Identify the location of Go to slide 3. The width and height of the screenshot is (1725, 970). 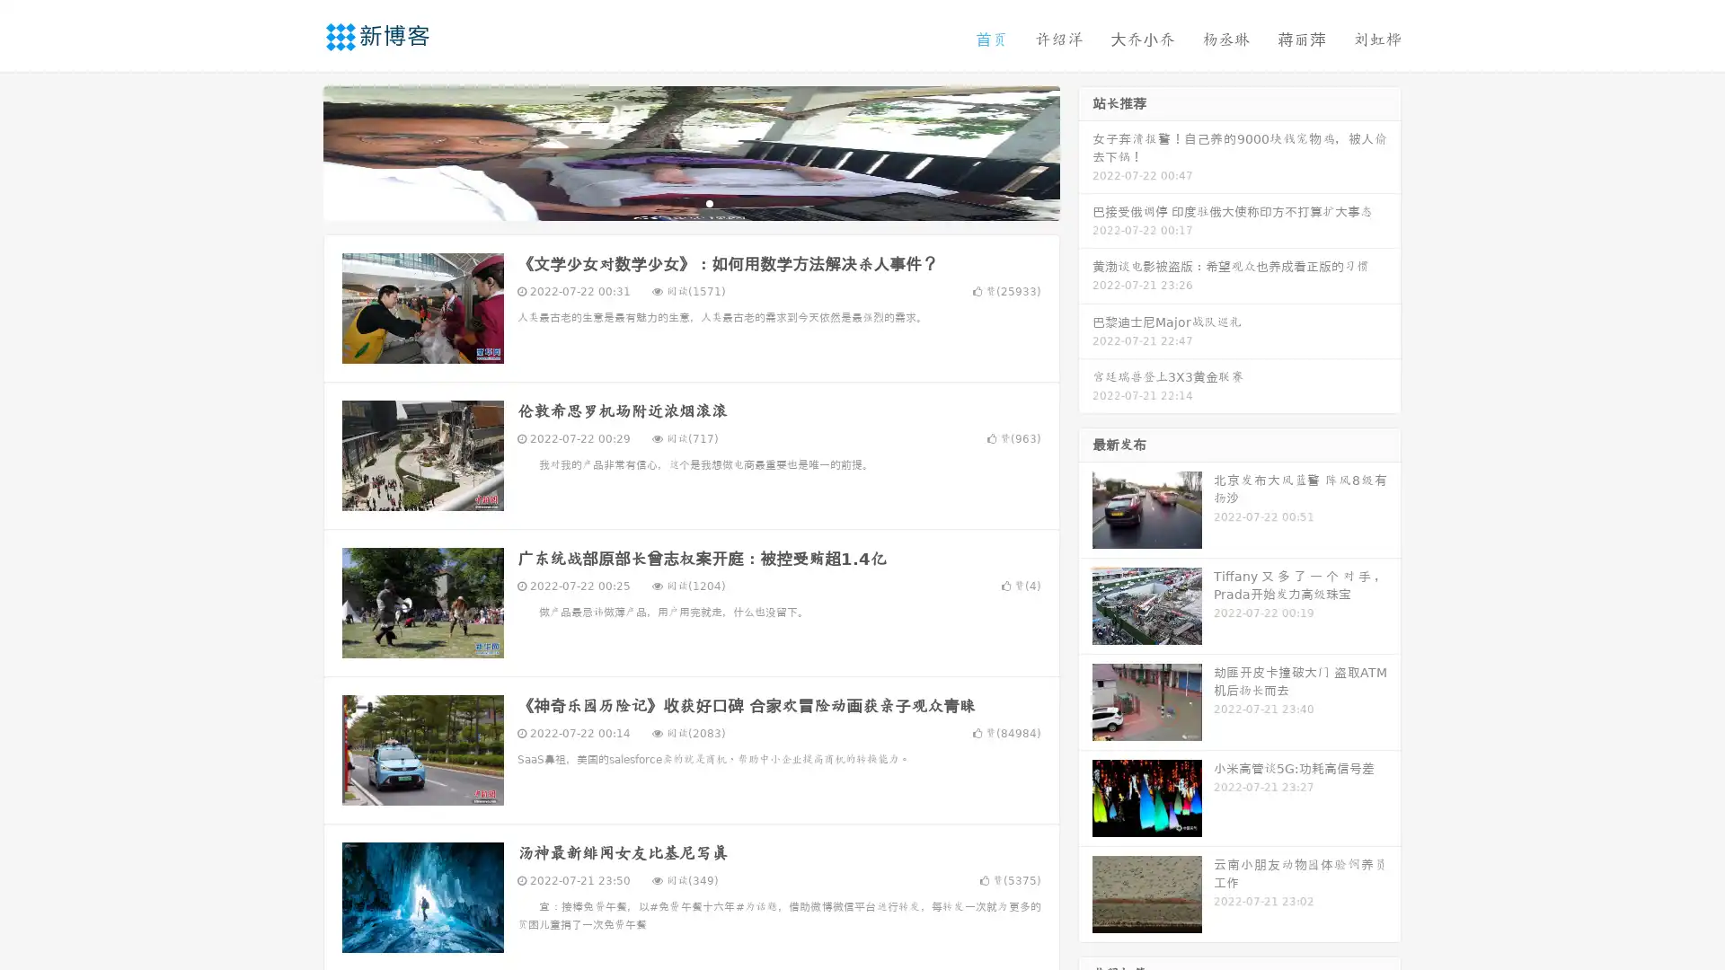
(709, 202).